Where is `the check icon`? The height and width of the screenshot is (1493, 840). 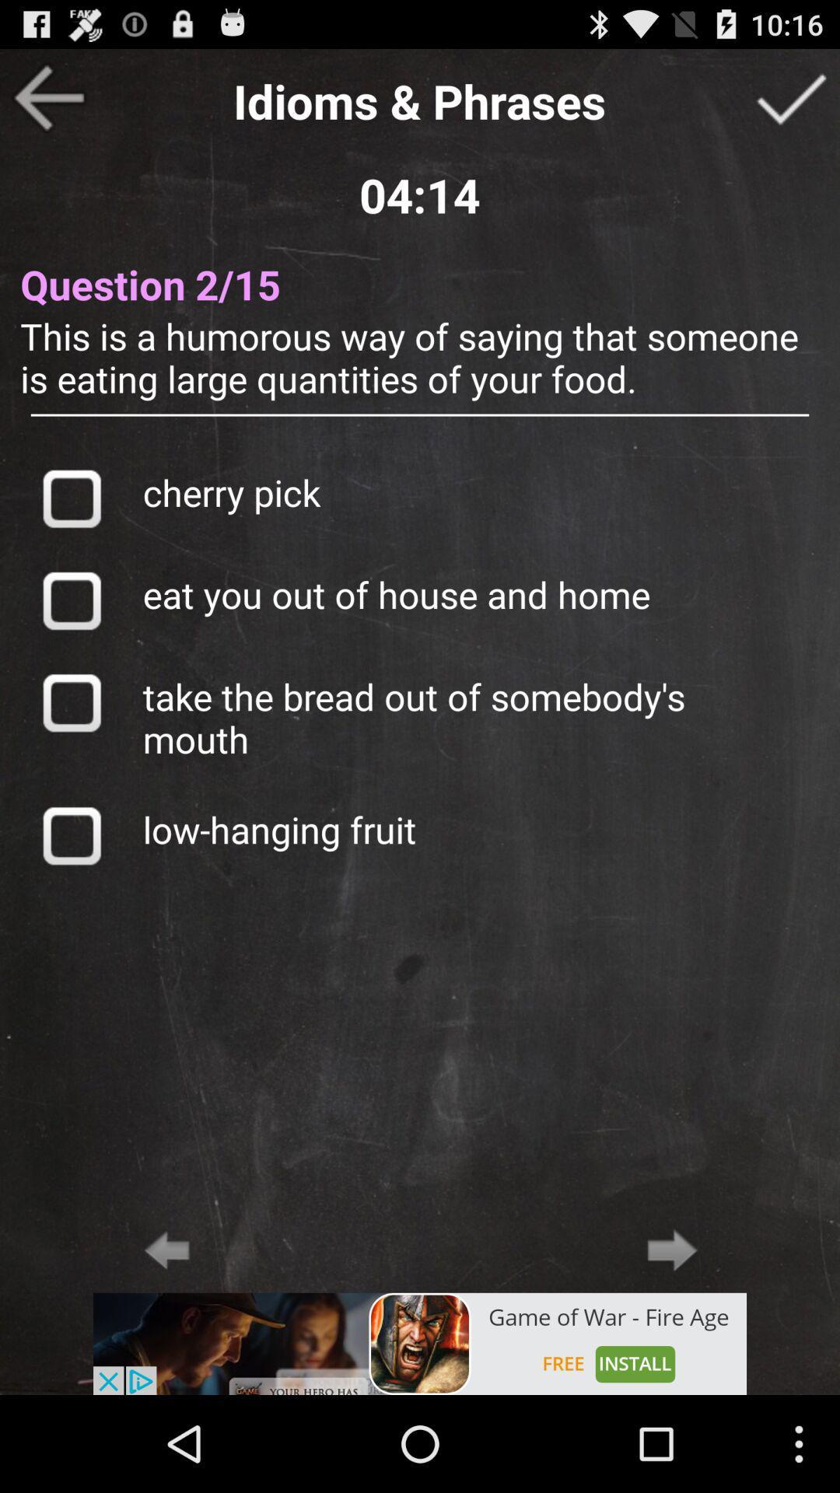 the check icon is located at coordinates (791, 103).